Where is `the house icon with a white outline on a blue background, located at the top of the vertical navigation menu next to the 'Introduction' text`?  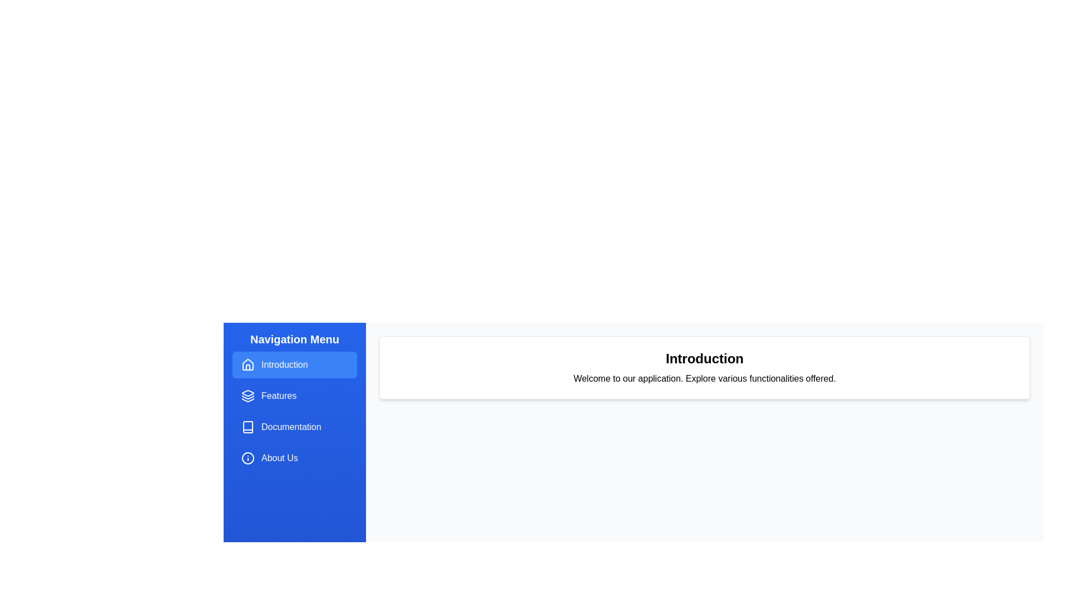
the house icon with a white outline on a blue background, located at the top of the vertical navigation menu next to the 'Introduction' text is located at coordinates (248, 364).